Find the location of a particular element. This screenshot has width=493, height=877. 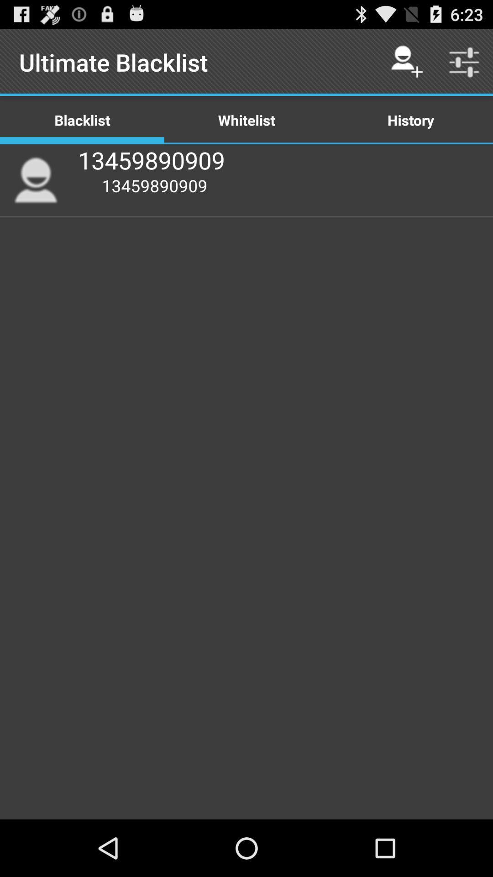

the icon above the history icon is located at coordinates (464, 62).